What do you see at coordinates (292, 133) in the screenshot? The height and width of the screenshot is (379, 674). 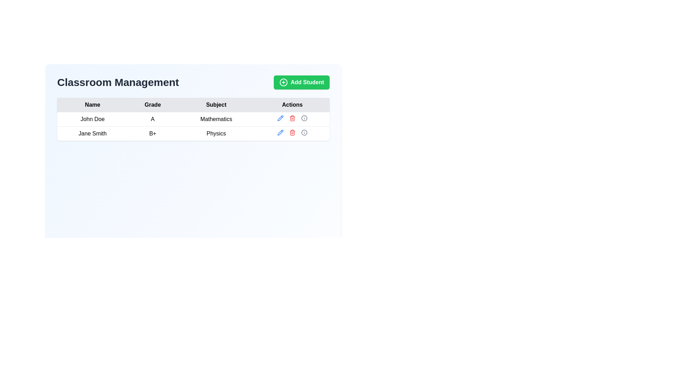 I see `the red trash bin icon in the 'Actions' column of the second row associated with 'Jane Smith, B+, Physics'` at bounding box center [292, 133].